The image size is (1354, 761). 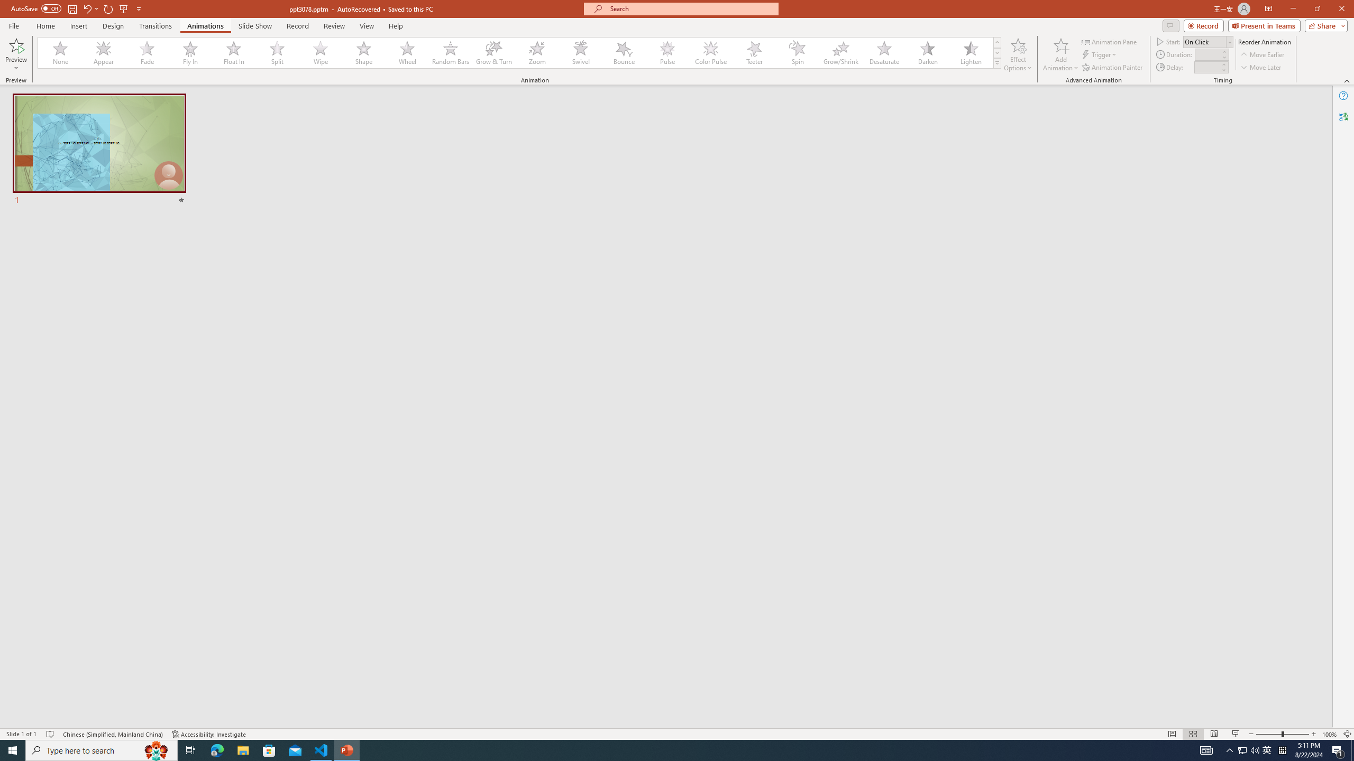 I want to click on 'Spin', so click(x=797, y=52).